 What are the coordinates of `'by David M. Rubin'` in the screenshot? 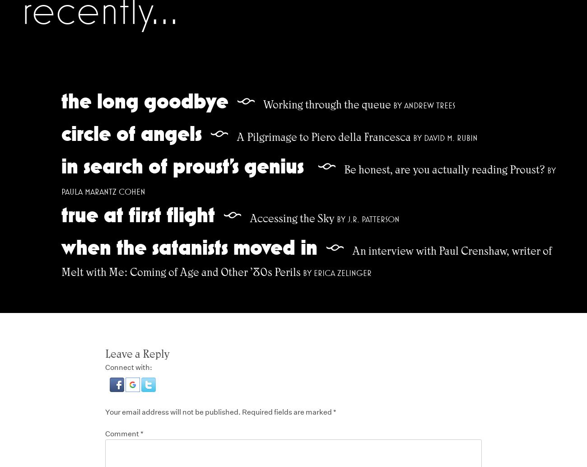 It's located at (445, 137).